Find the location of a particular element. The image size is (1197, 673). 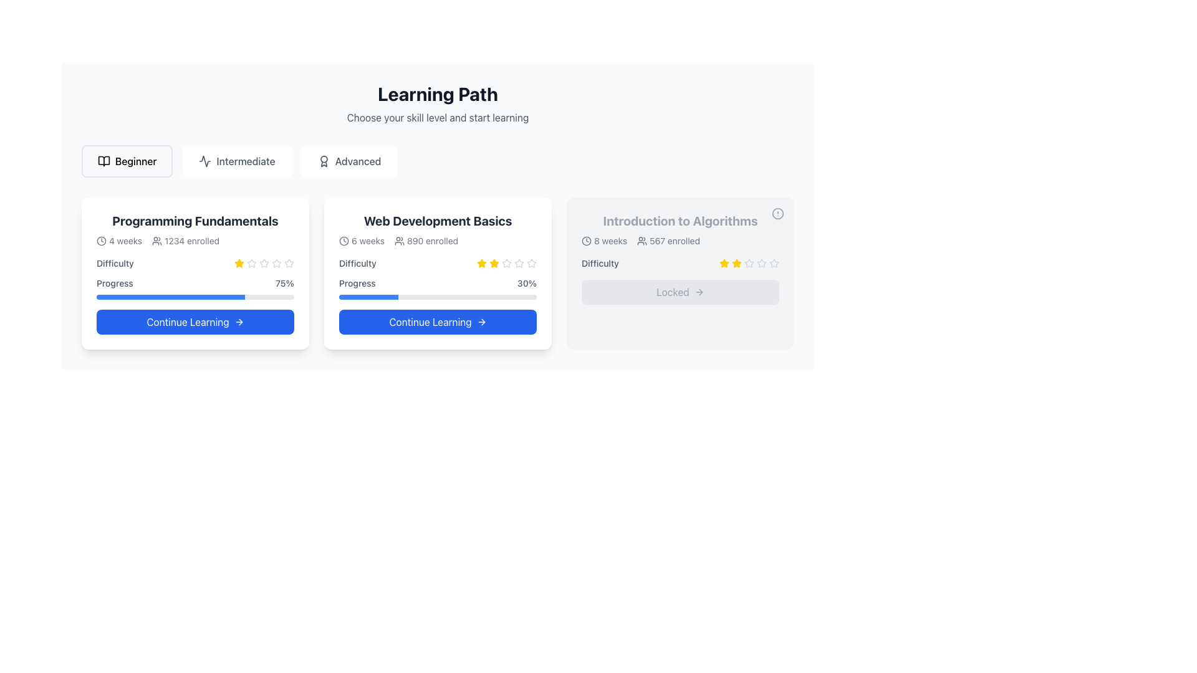

the progress percentage display for the 'Programming Fundamentals' module, which is centrally positioned within the information card, above the blue progress bar and below the 'Difficulty' rating is located at coordinates (195, 284).